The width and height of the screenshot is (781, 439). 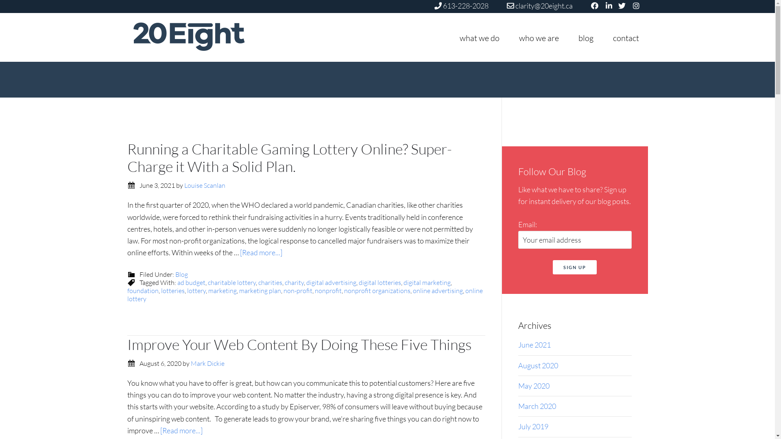 What do you see at coordinates (191, 282) in the screenshot?
I see `'ad budget'` at bounding box center [191, 282].